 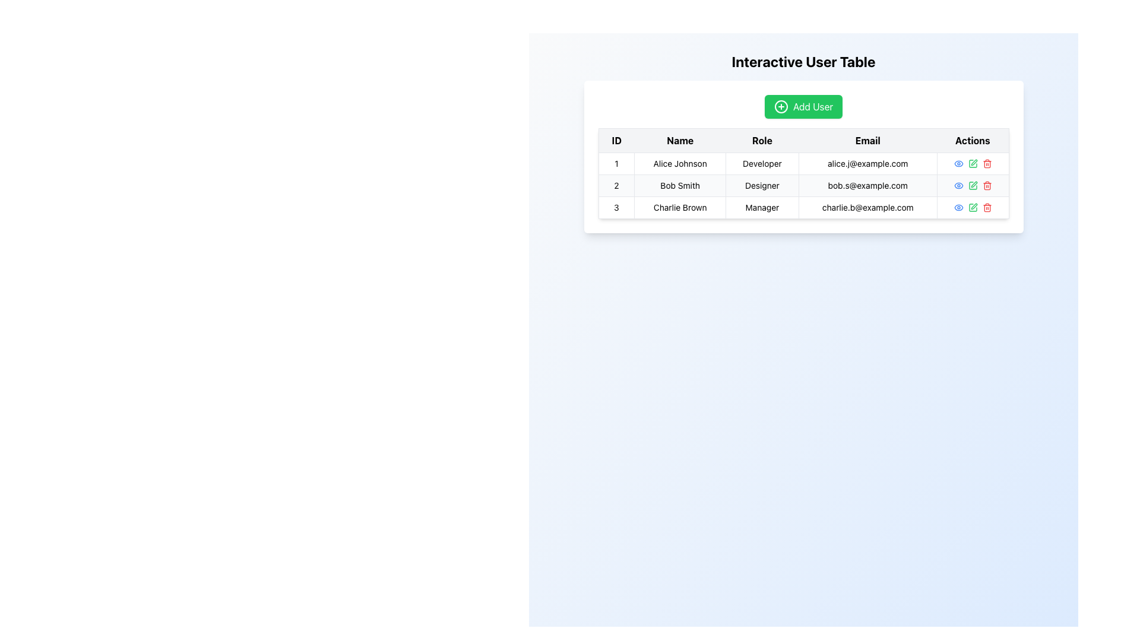 I want to click on the third row in the user data table that displays the ID '3', name 'Charlie Brown', role 'Manager', and email 'charlie.b@example.com', so click(x=803, y=207).